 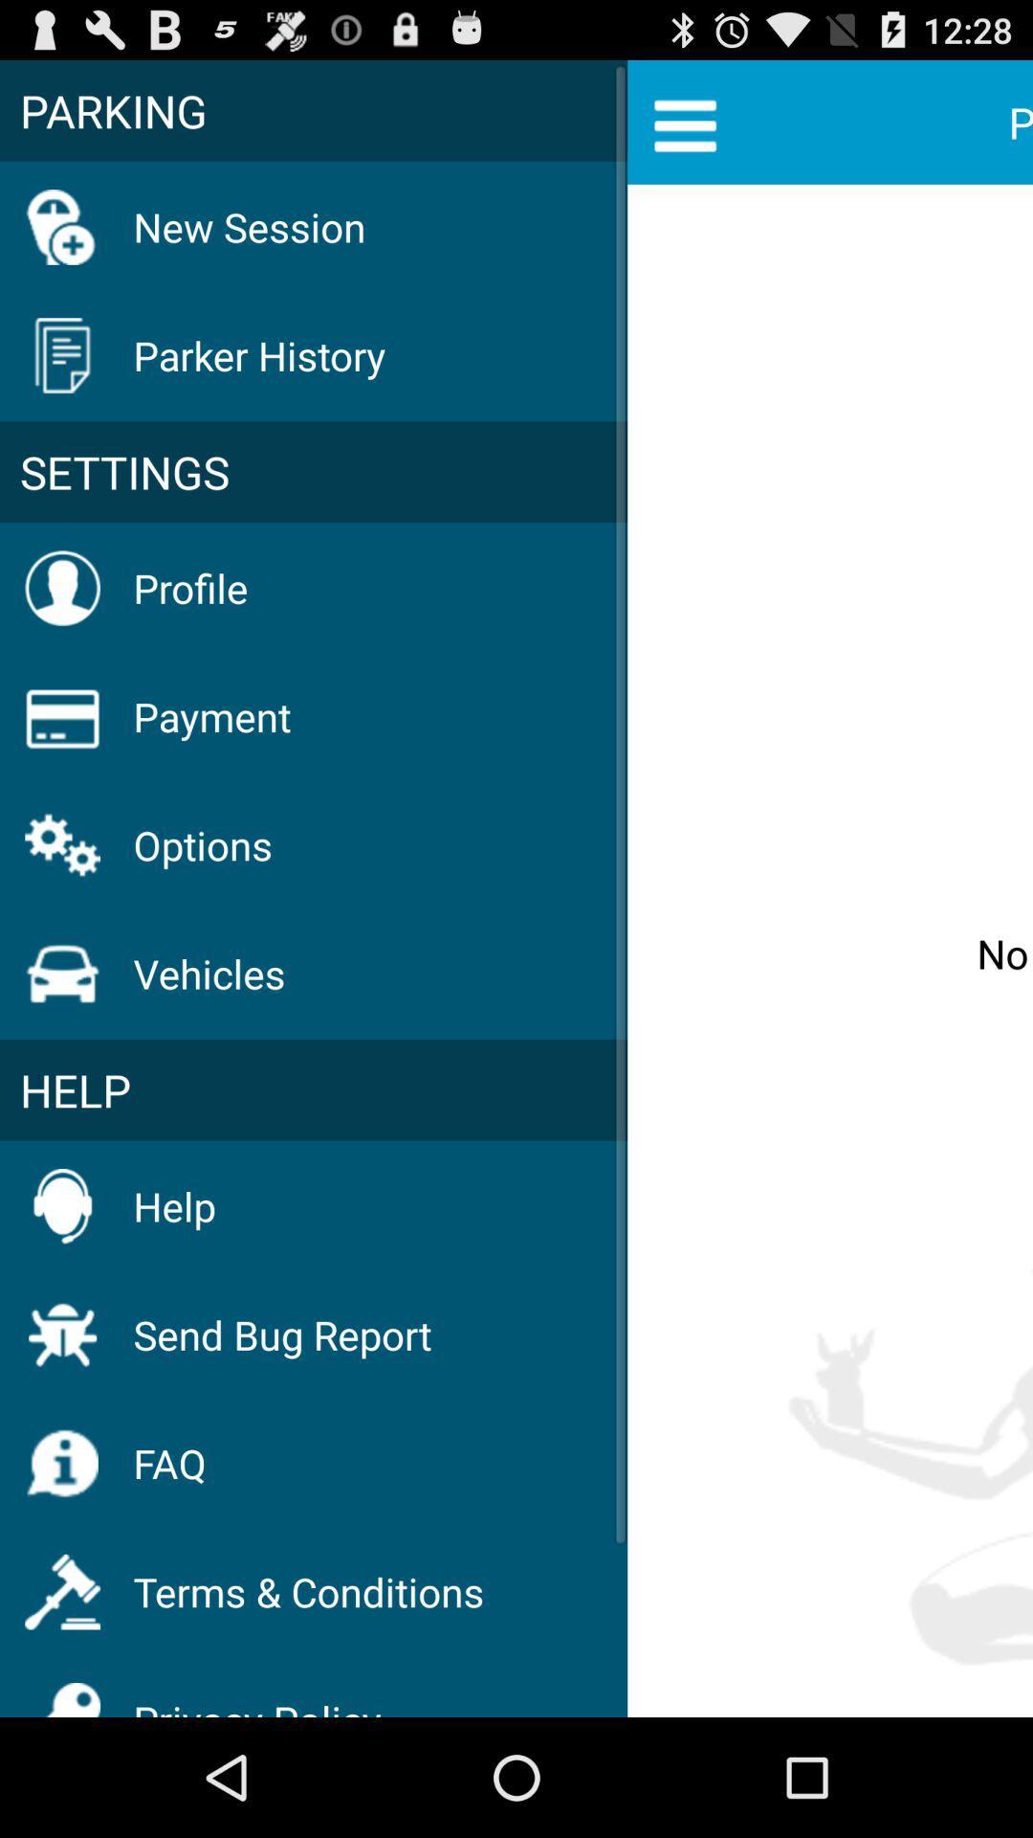 What do you see at coordinates (313, 472) in the screenshot?
I see `the item above profile` at bounding box center [313, 472].